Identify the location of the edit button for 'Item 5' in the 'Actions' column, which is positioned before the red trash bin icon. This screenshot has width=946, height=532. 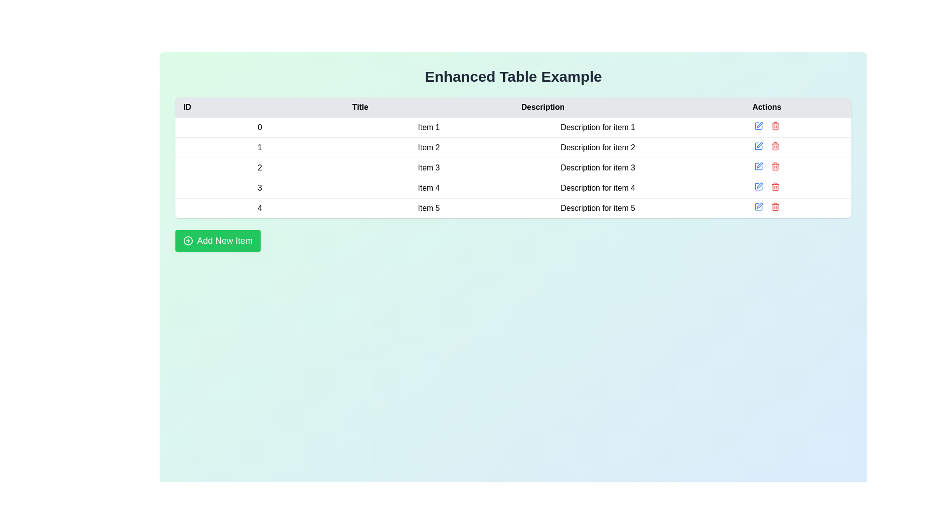
(758, 206).